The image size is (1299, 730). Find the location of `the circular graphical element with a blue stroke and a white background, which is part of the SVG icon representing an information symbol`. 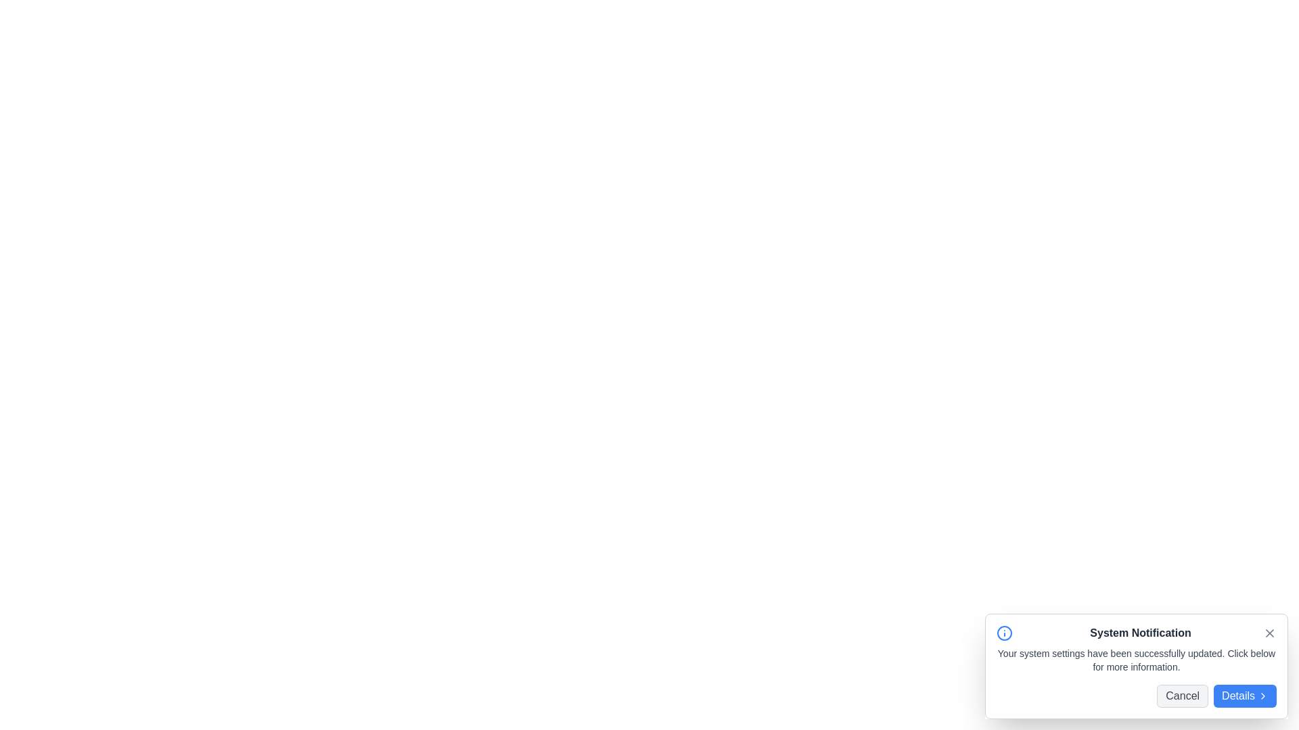

the circular graphical element with a blue stroke and a white background, which is part of the SVG icon representing an information symbol is located at coordinates (1004, 633).